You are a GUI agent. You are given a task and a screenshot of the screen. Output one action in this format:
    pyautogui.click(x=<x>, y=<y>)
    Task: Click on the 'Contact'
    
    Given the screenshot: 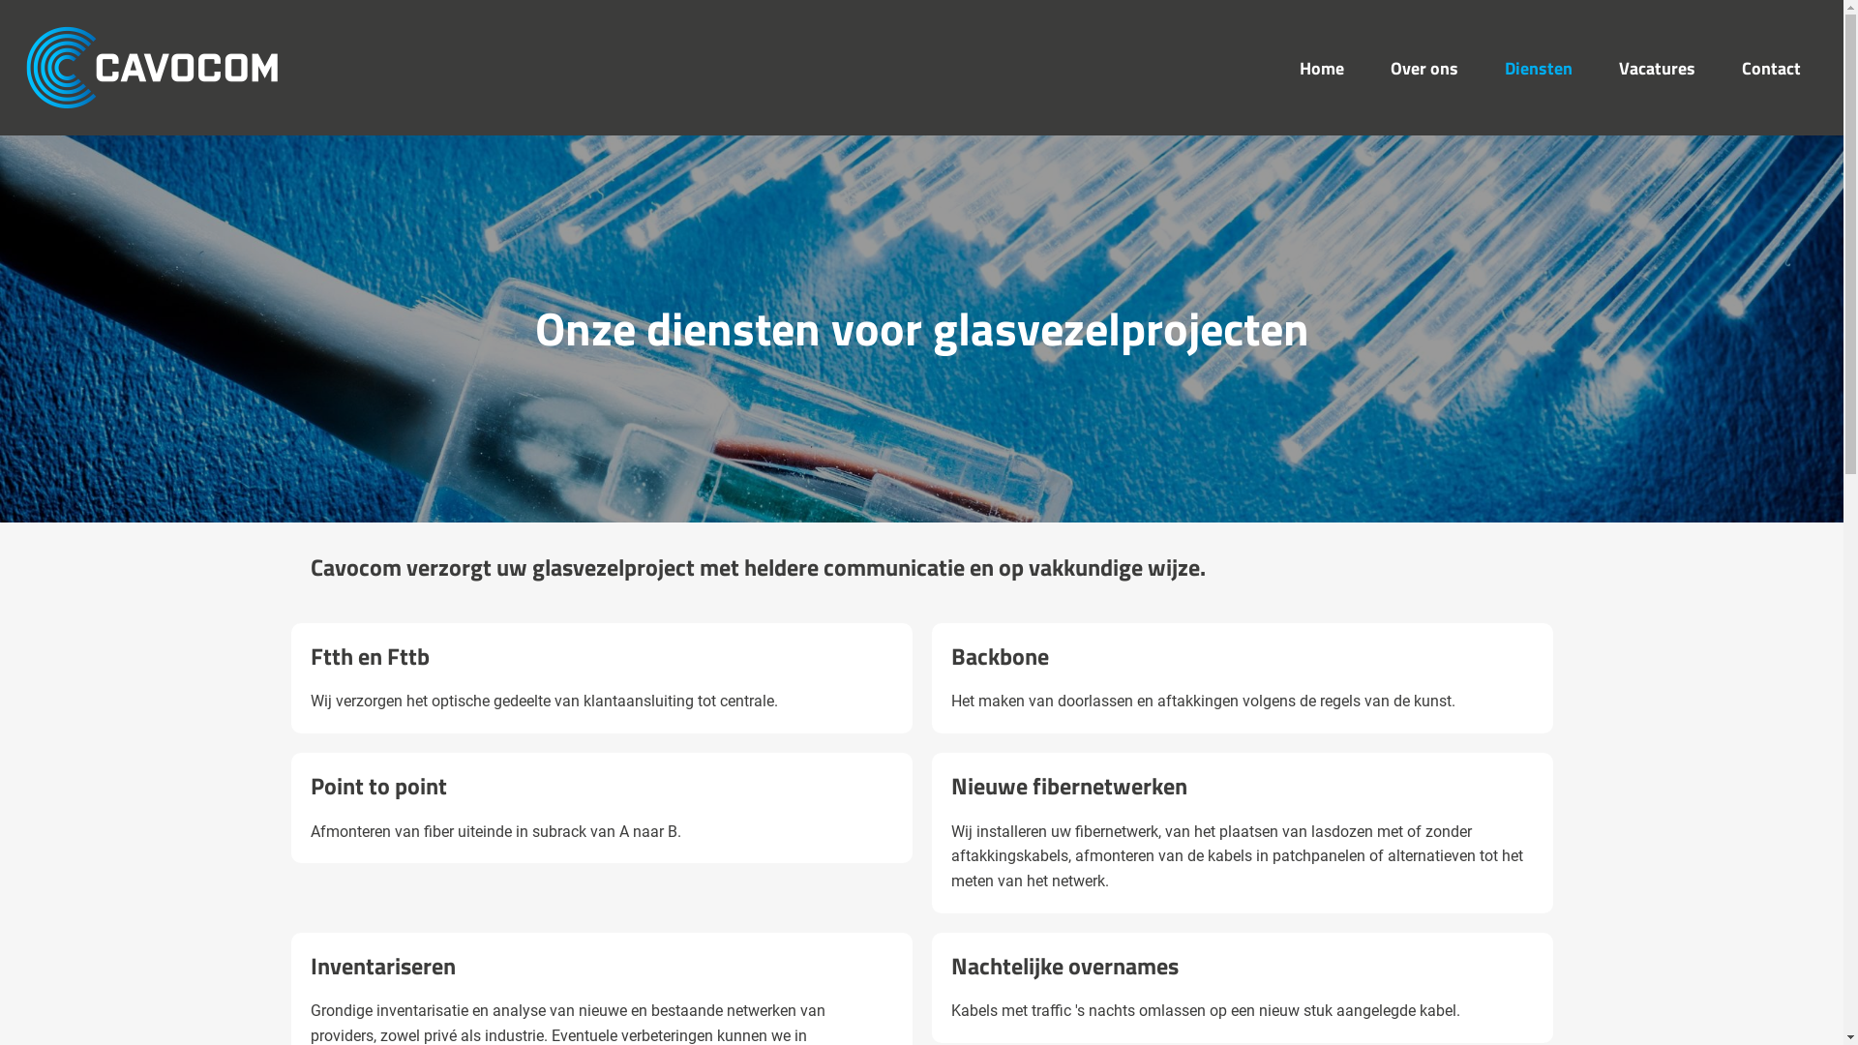 What is the action you would take?
    pyautogui.click(x=1727, y=66)
    